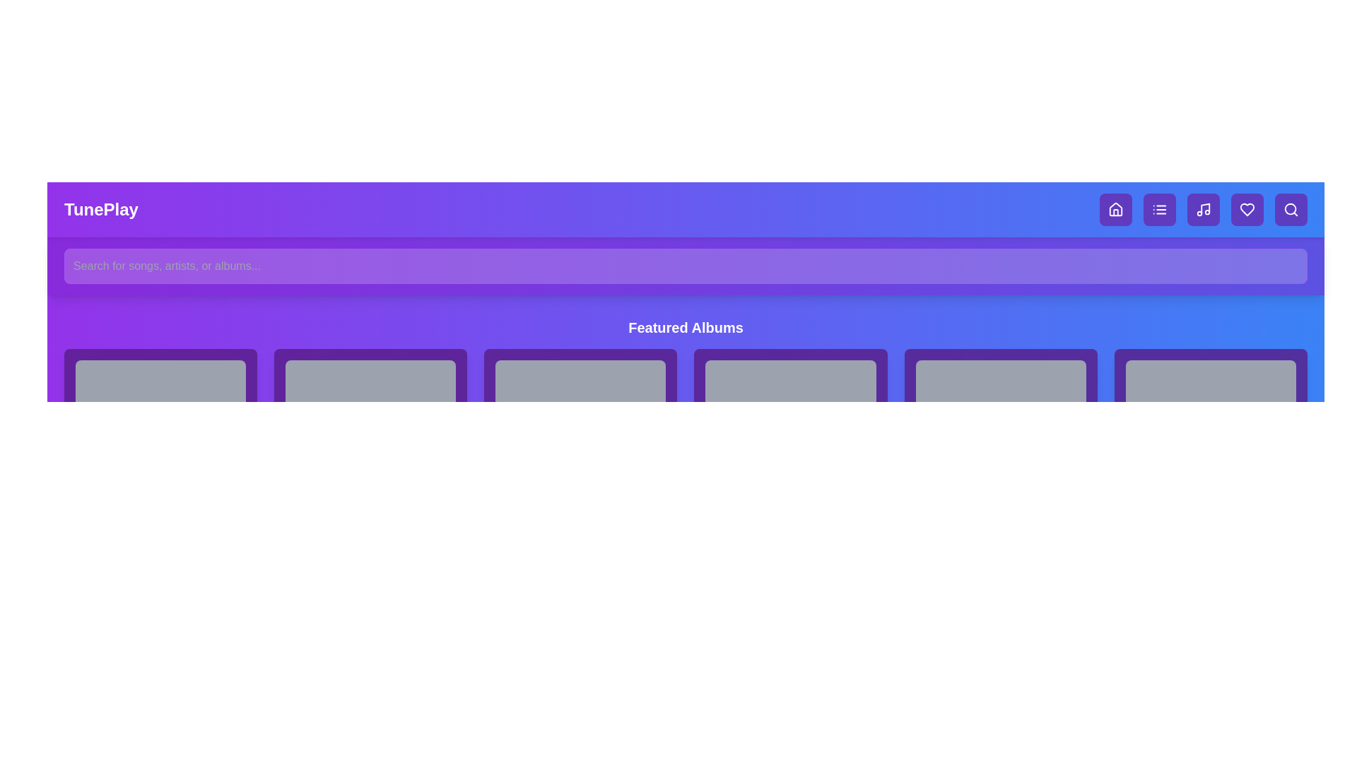 The image size is (1357, 763). Describe the element at coordinates (100, 210) in the screenshot. I see `the 'TunePlay' logo to navigate to the home page` at that location.